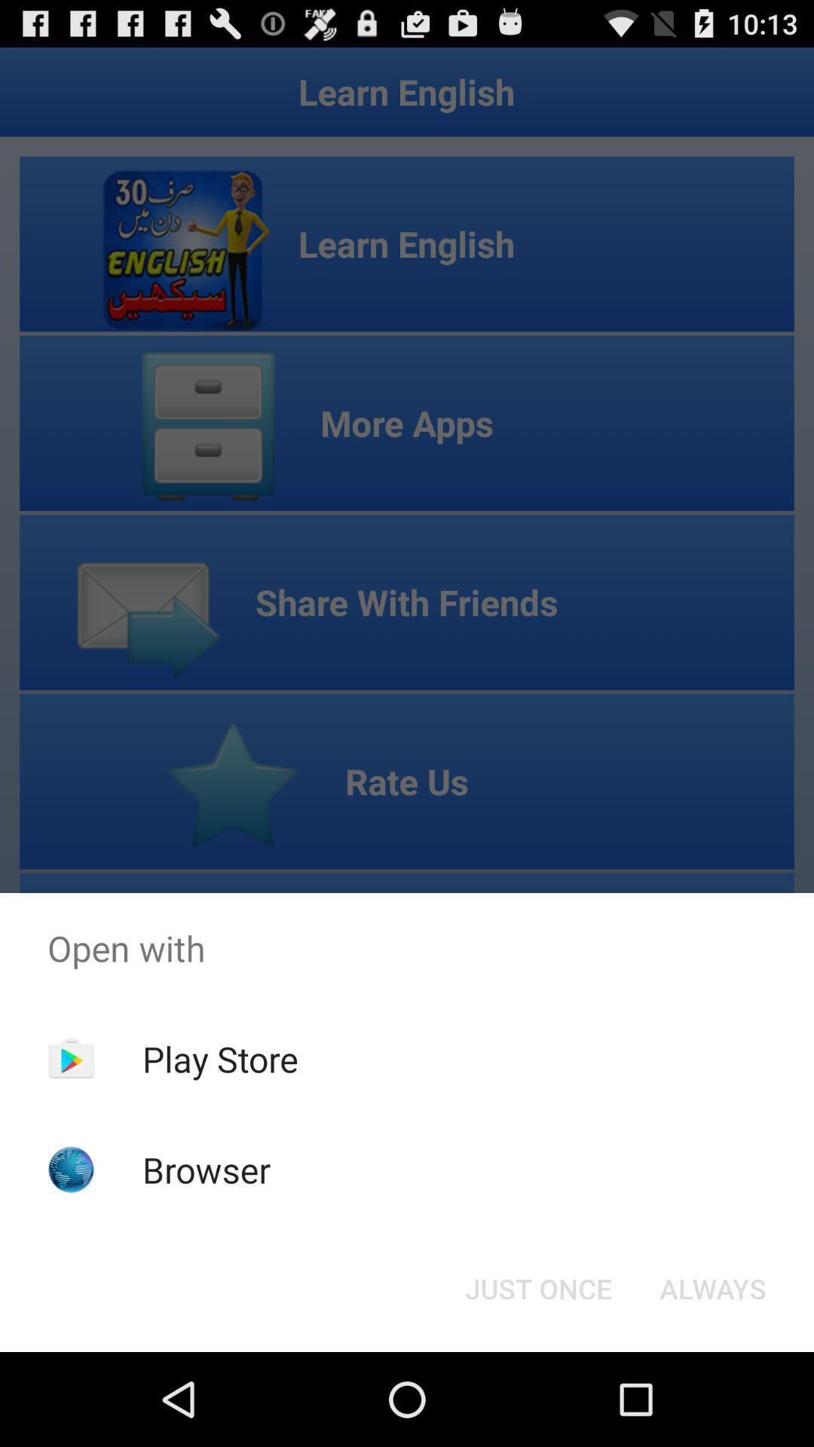  I want to click on item next to just once icon, so click(712, 1287).